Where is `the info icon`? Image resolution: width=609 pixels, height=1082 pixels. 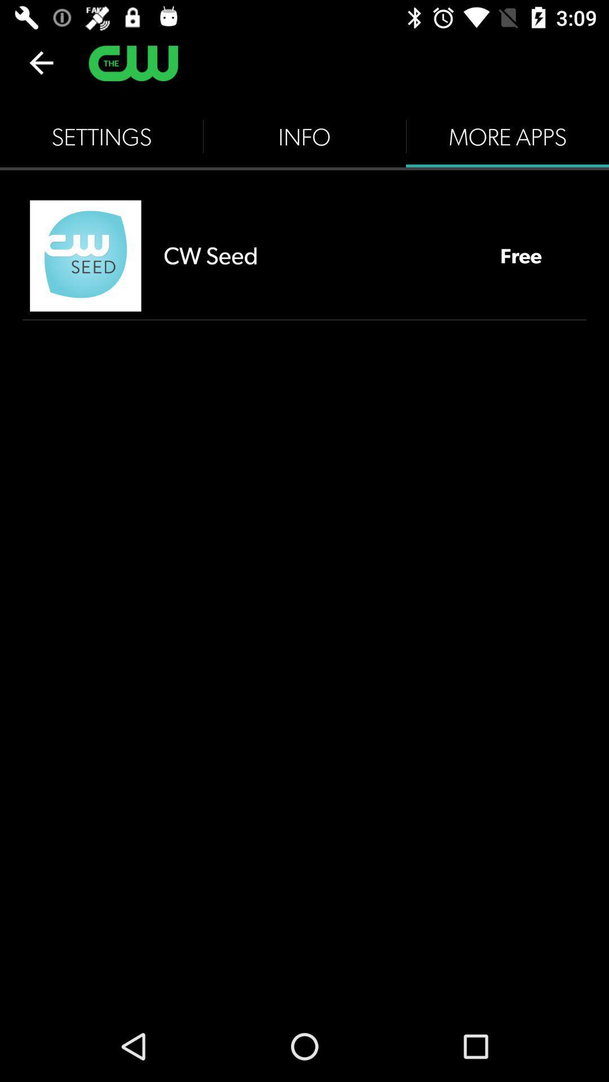
the info icon is located at coordinates (304, 136).